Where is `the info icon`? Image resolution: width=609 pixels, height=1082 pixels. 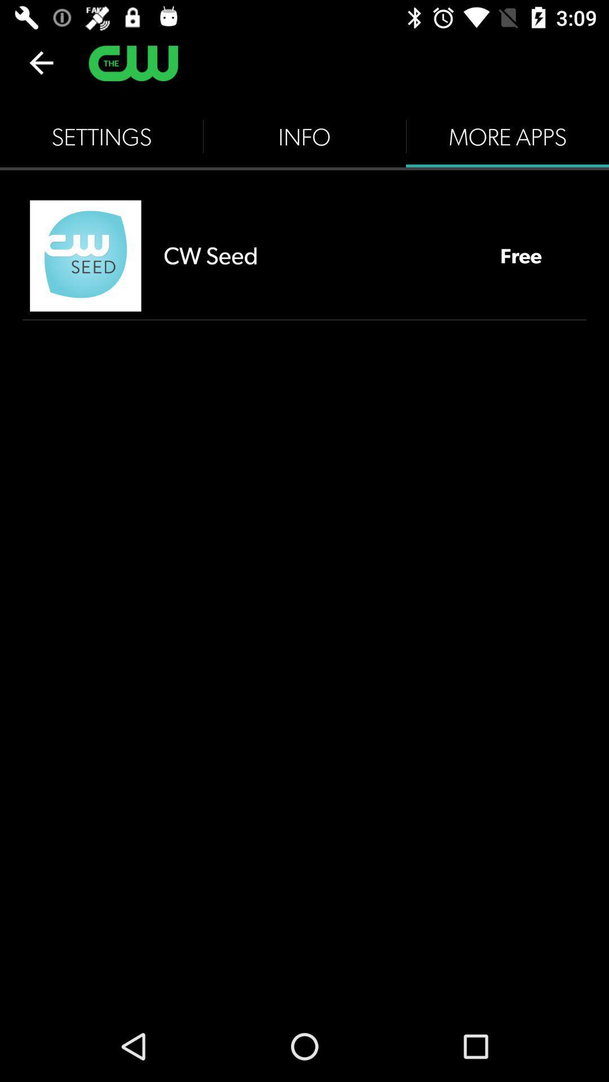
the info icon is located at coordinates (304, 136).